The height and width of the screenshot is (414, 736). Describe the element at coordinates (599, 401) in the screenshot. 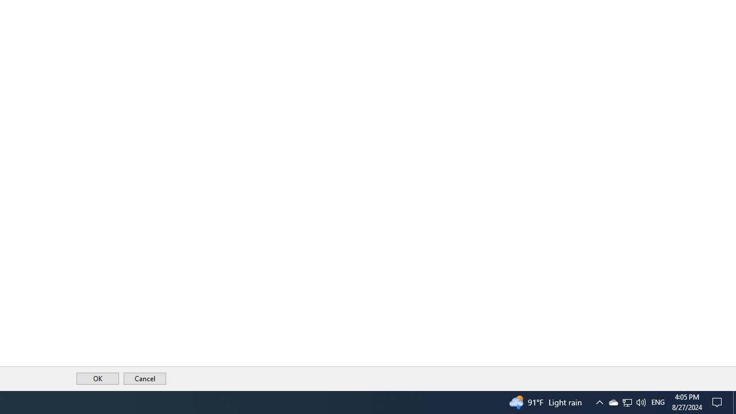

I see `'Notification Chevron'` at that location.